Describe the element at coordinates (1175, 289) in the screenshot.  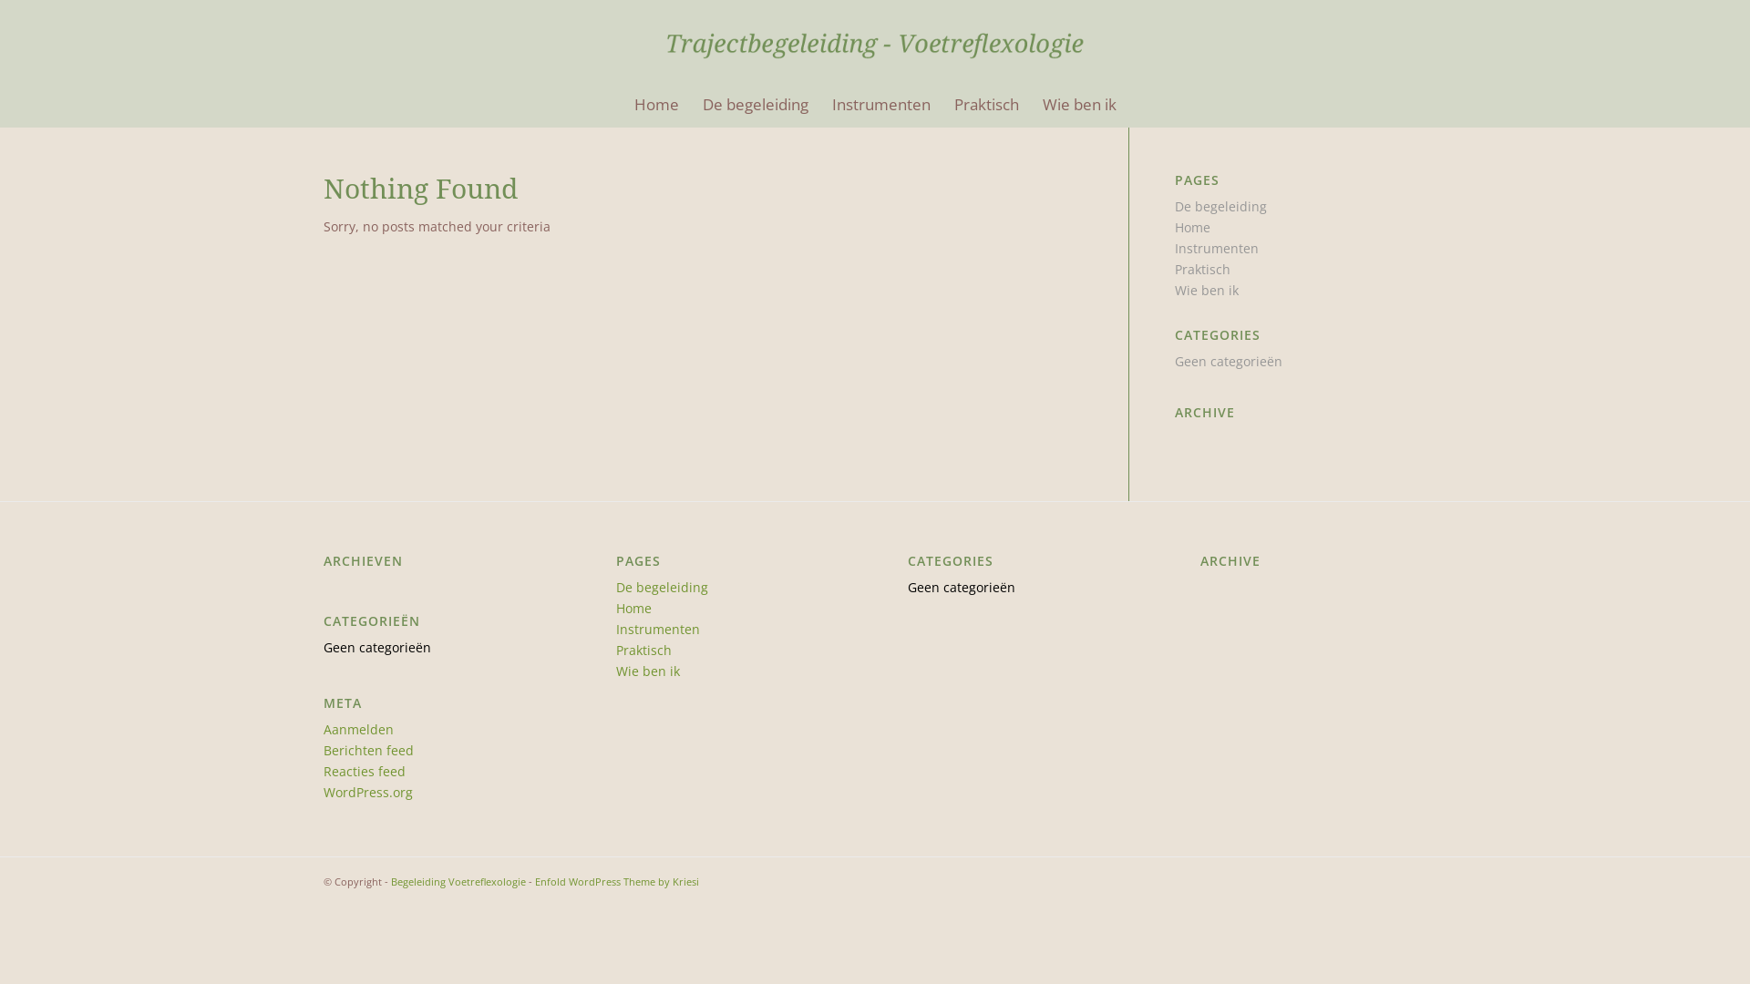
I see `'Wie ben ik'` at that location.